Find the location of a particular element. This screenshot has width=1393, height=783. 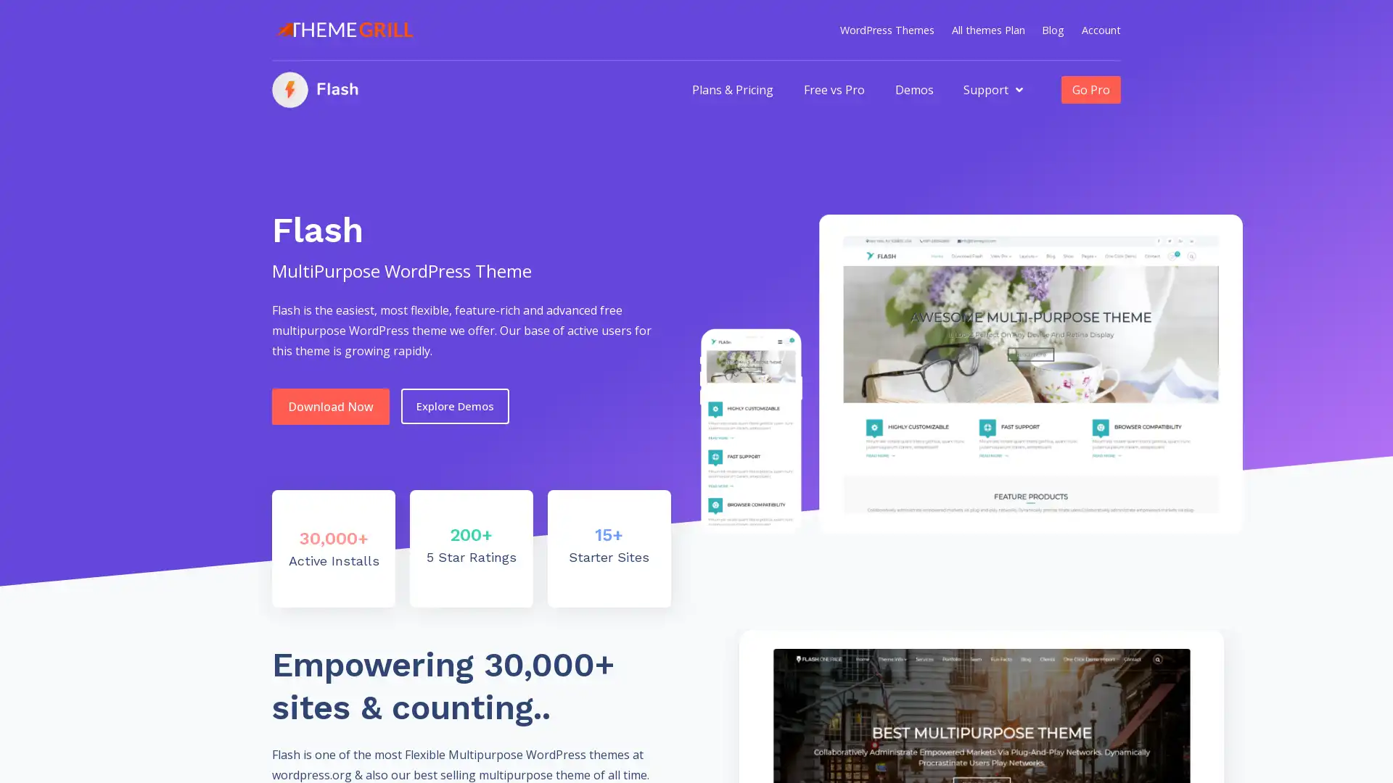

Explore Demos is located at coordinates (454, 406).